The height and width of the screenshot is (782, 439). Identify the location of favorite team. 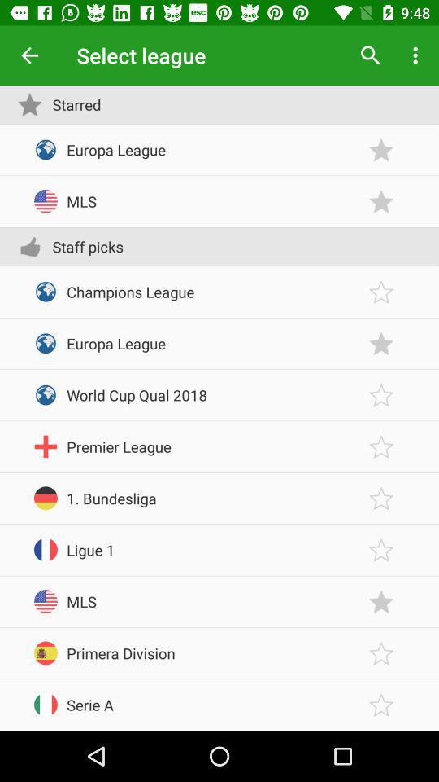
(381, 653).